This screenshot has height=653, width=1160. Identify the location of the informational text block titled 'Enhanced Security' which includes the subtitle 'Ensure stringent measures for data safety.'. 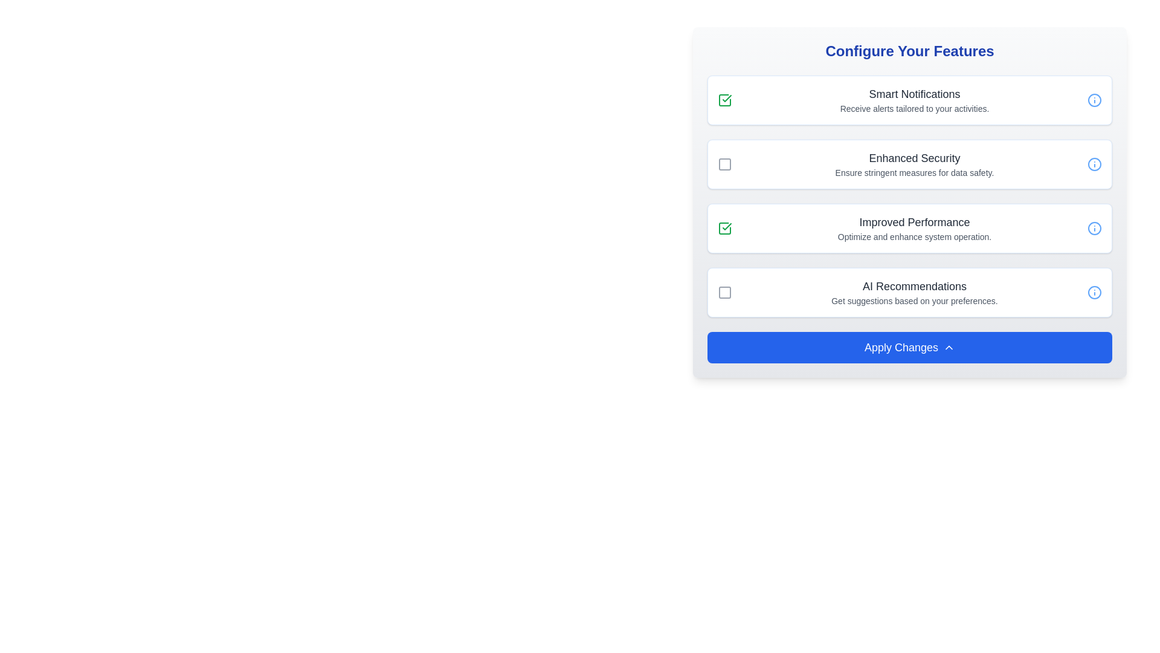
(914, 164).